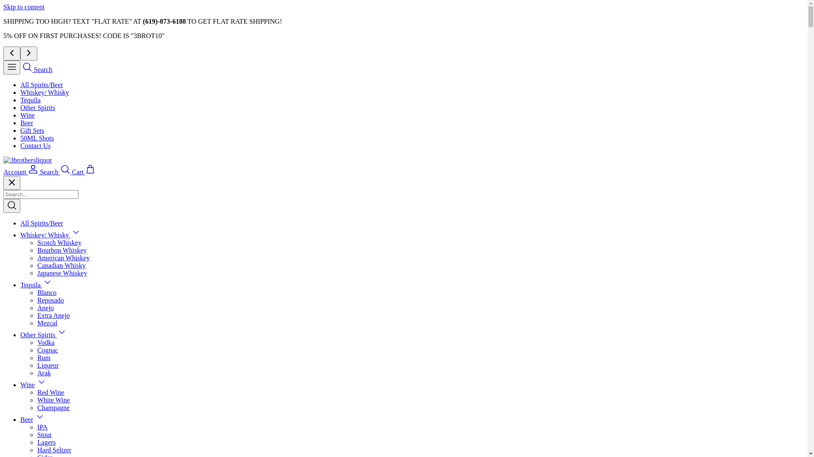 The image size is (814, 457). What do you see at coordinates (47, 350) in the screenshot?
I see `'Cognac'` at bounding box center [47, 350].